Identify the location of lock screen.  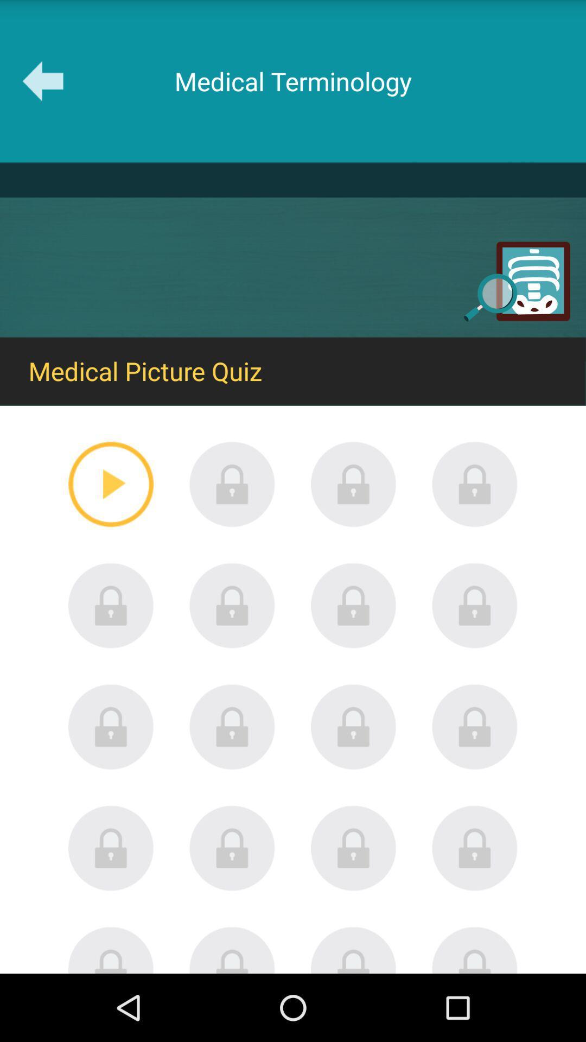
(232, 848).